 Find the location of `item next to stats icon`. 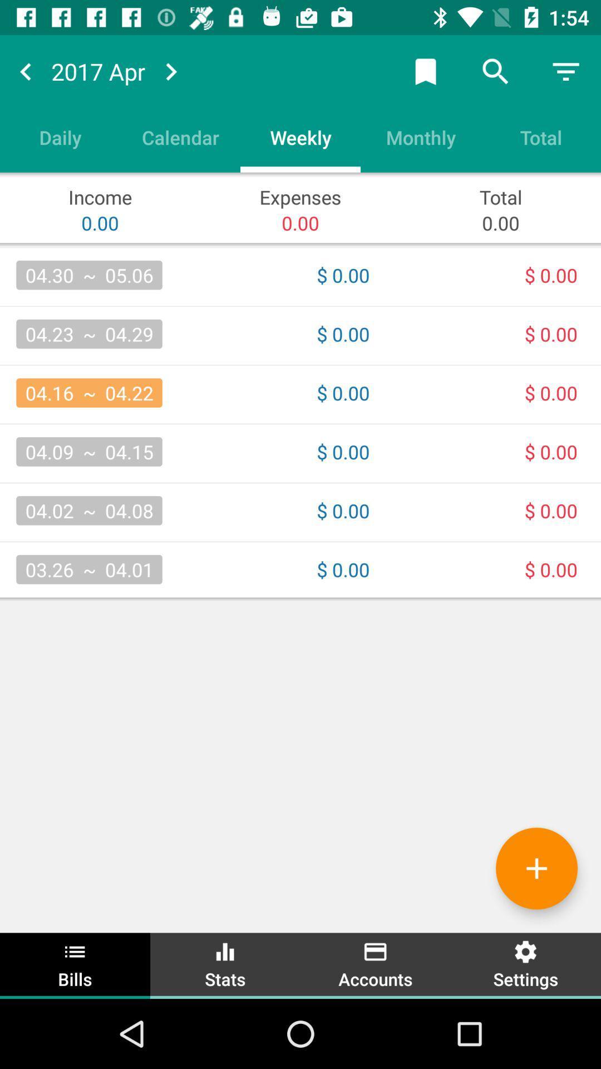

item next to stats icon is located at coordinates (376, 964).